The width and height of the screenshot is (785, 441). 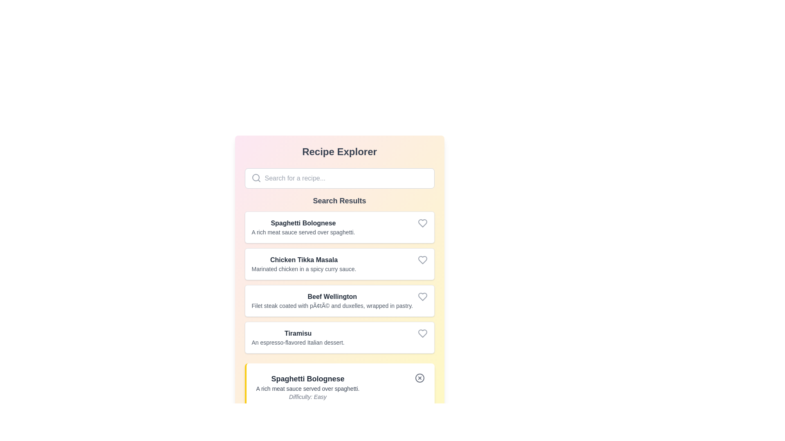 I want to click on the recipe title text label located in the fourth entry of the 'Search Results' section, positioned above the descriptive text, so click(x=298, y=334).